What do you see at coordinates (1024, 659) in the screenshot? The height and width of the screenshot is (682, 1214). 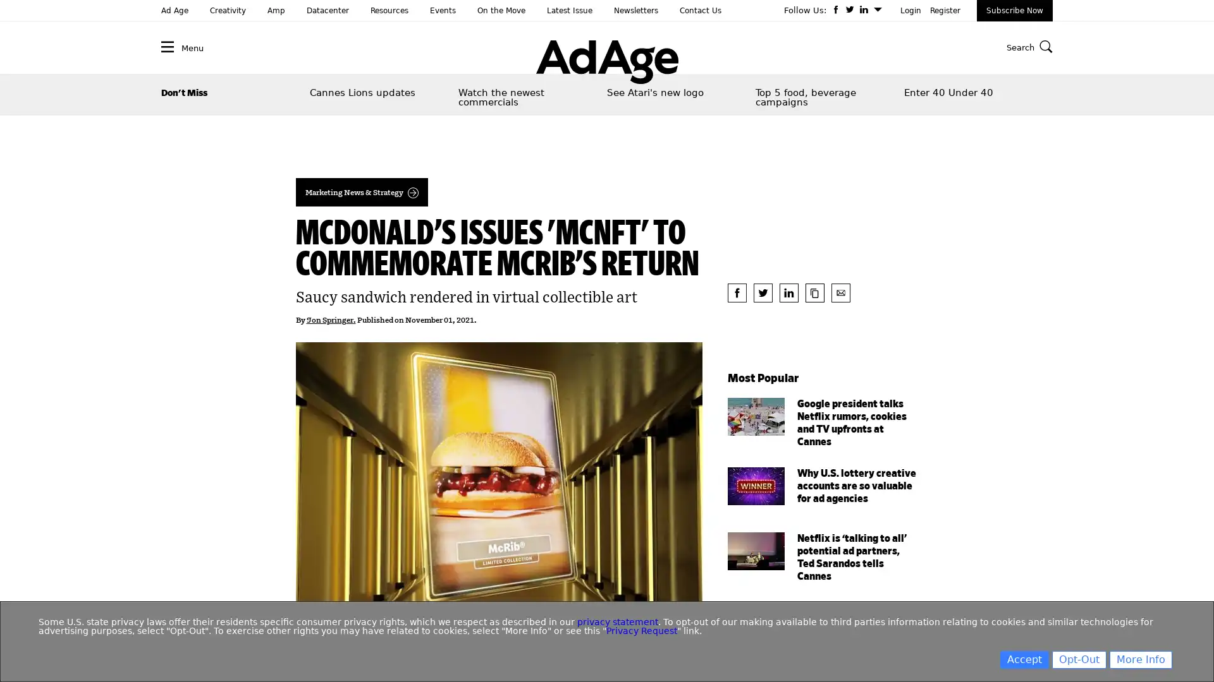 I see `Accept` at bounding box center [1024, 659].